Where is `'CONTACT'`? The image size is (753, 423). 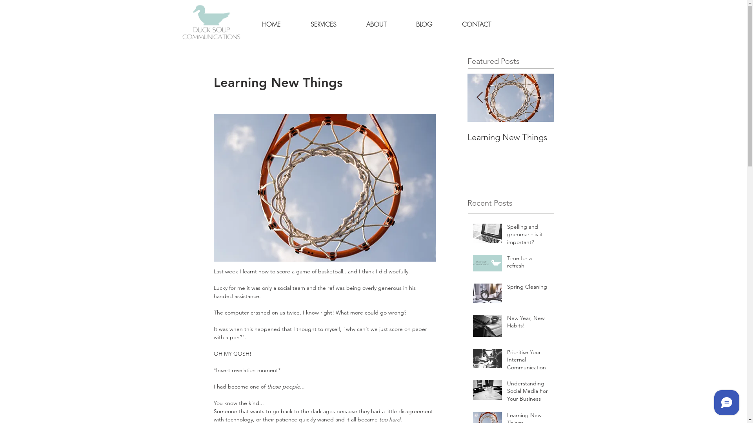 'CONTACT' is located at coordinates (476, 24).